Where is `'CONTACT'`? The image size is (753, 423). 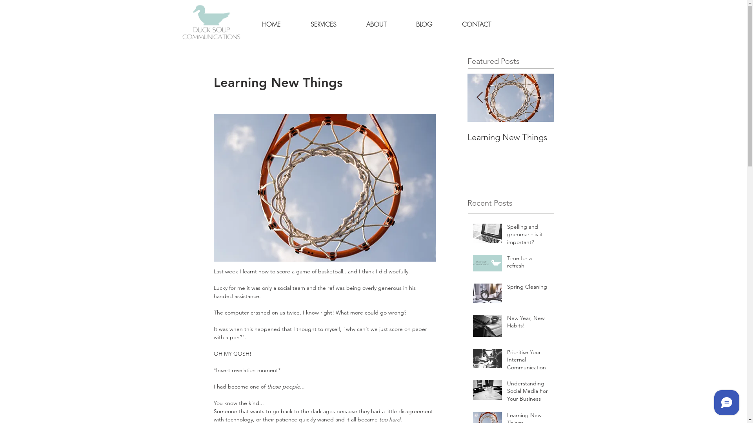 'CONTACT' is located at coordinates (476, 24).